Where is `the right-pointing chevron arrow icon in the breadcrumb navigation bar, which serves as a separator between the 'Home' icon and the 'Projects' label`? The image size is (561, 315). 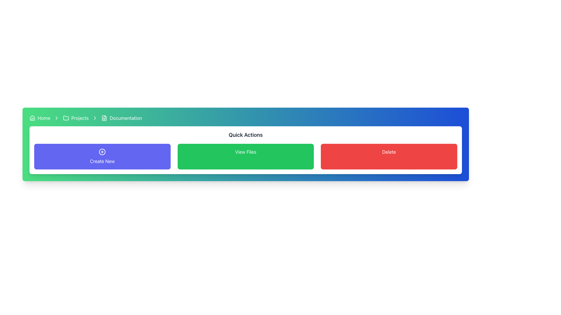
the right-pointing chevron arrow icon in the breadcrumb navigation bar, which serves as a separator between the 'Home' icon and the 'Projects' label is located at coordinates (95, 118).